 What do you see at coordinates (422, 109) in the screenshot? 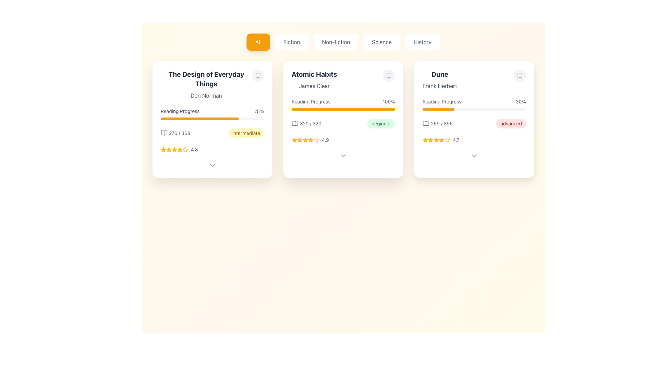
I see `the reading progress` at bounding box center [422, 109].